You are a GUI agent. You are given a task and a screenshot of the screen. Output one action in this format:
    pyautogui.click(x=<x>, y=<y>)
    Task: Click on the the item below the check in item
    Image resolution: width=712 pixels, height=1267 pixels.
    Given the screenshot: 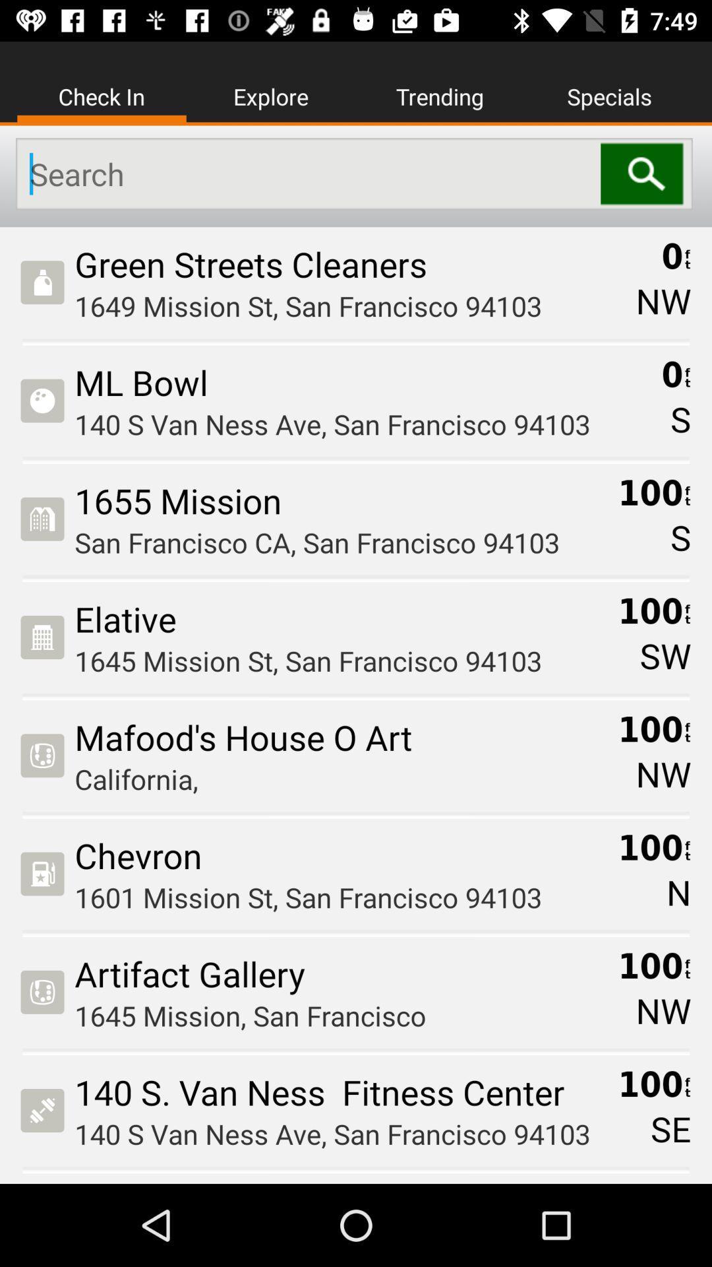 What is the action you would take?
    pyautogui.click(x=308, y=173)
    